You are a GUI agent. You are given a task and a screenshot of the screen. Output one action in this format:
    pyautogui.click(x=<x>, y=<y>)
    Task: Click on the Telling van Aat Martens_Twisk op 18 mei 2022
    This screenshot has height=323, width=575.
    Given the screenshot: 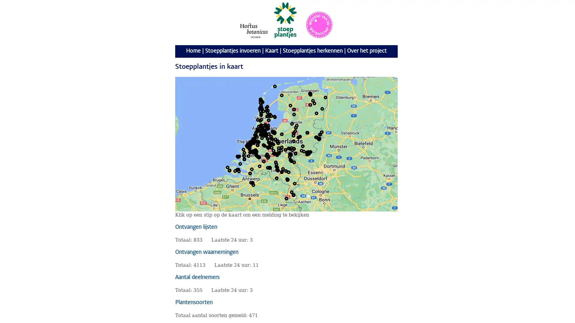 What is the action you would take?
    pyautogui.click(x=261, y=126)
    